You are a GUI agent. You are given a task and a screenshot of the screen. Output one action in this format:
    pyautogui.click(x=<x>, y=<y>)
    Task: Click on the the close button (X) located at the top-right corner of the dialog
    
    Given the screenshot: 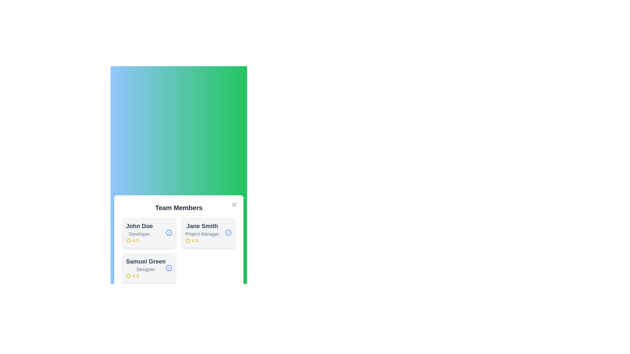 What is the action you would take?
    pyautogui.click(x=234, y=204)
    